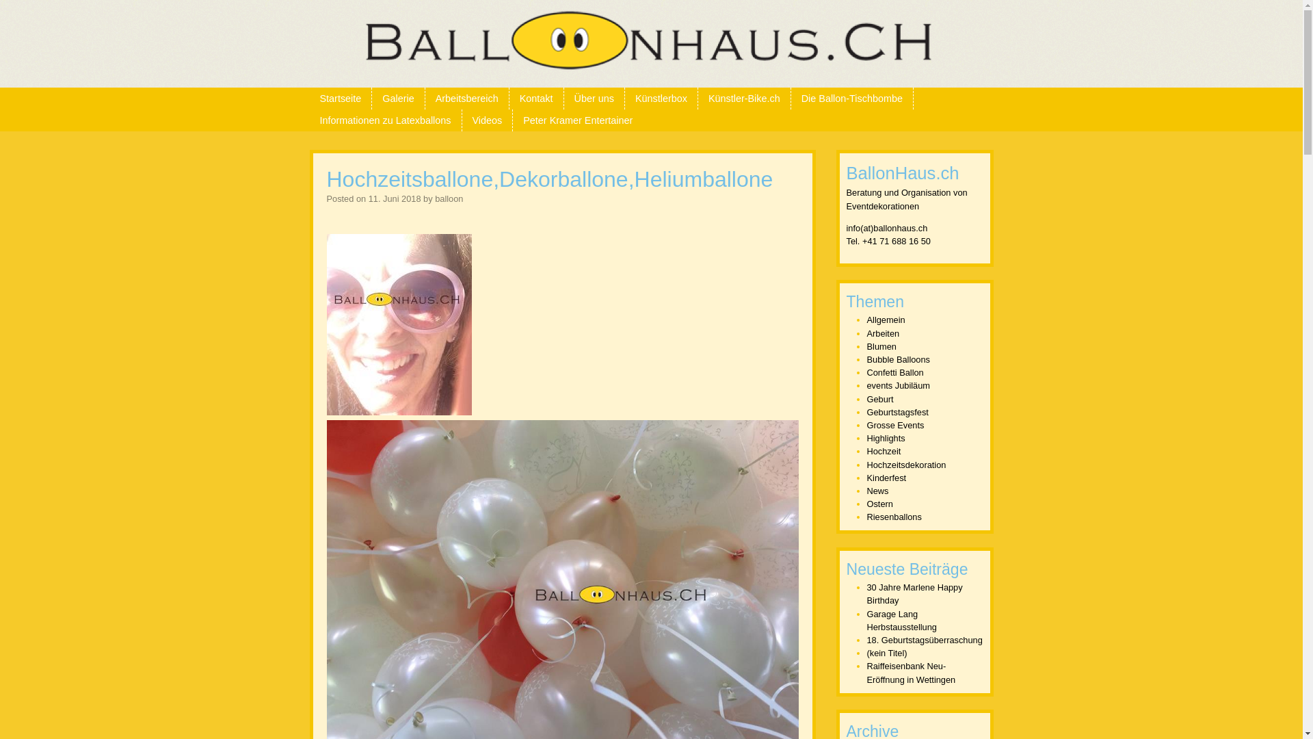 The height and width of the screenshot is (739, 1313). Describe the element at coordinates (880, 399) in the screenshot. I see `'Geburt'` at that location.